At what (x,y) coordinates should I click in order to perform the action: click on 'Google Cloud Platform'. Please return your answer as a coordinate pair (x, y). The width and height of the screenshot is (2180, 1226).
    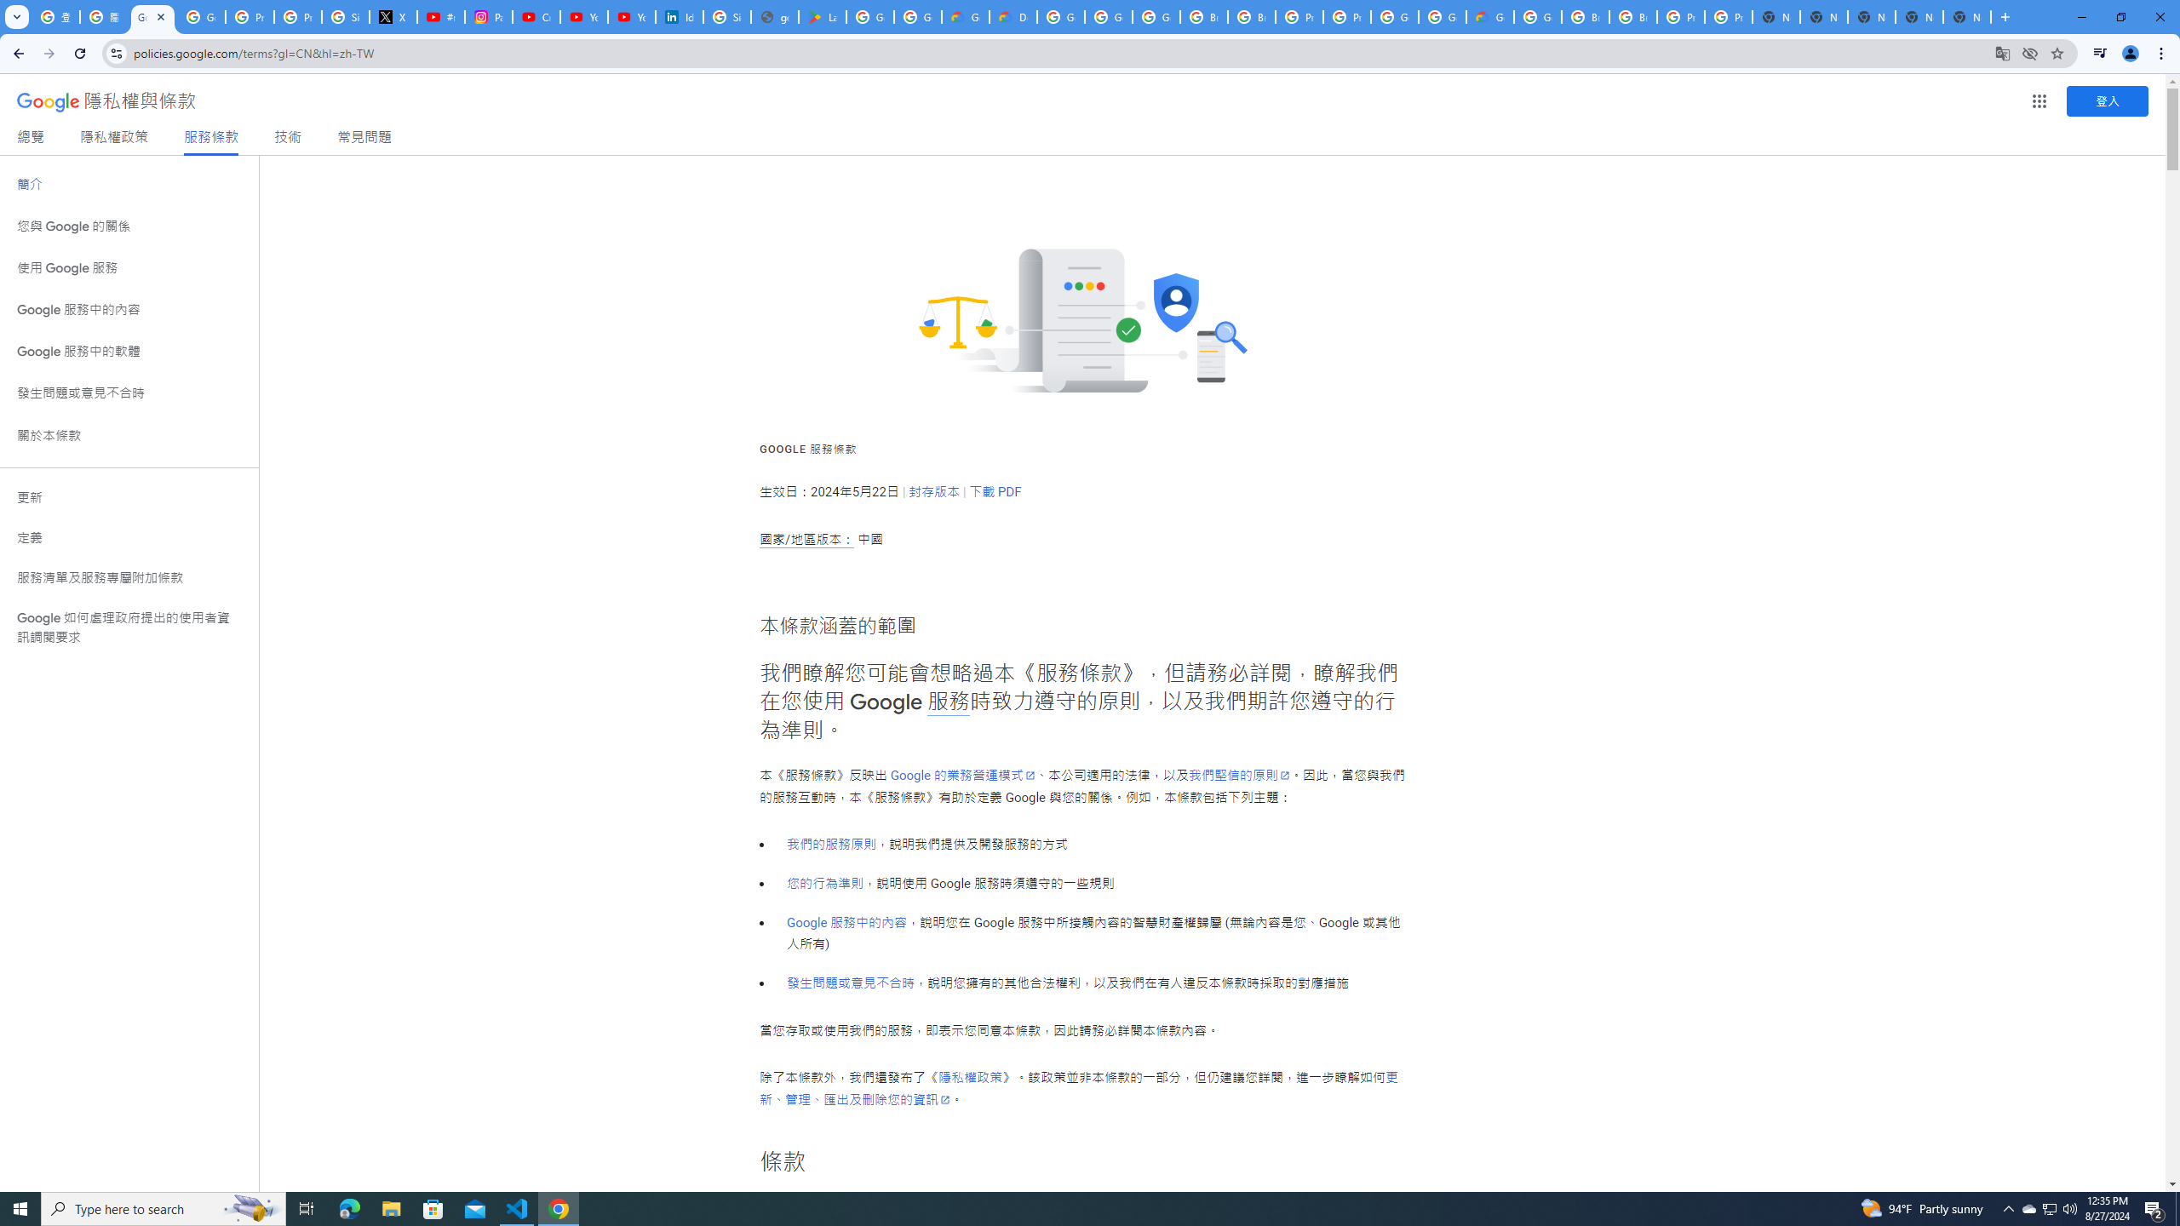
    Looking at the image, I should click on (1537, 16).